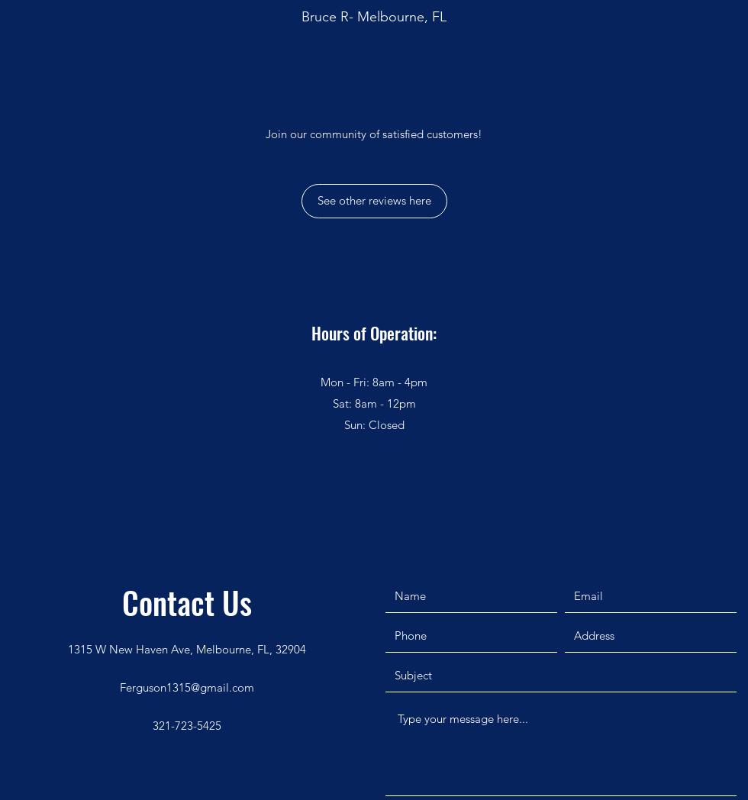  Describe the element at coordinates (187, 724) in the screenshot. I see `'321-723-5425'` at that location.